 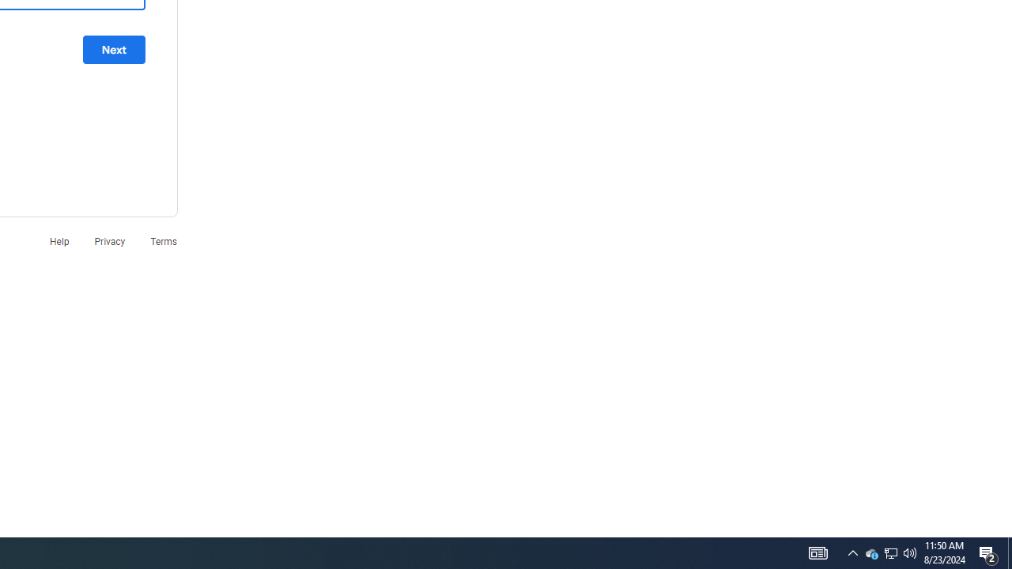 What do you see at coordinates (108, 241) in the screenshot?
I see `'Privacy'` at bounding box center [108, 241].